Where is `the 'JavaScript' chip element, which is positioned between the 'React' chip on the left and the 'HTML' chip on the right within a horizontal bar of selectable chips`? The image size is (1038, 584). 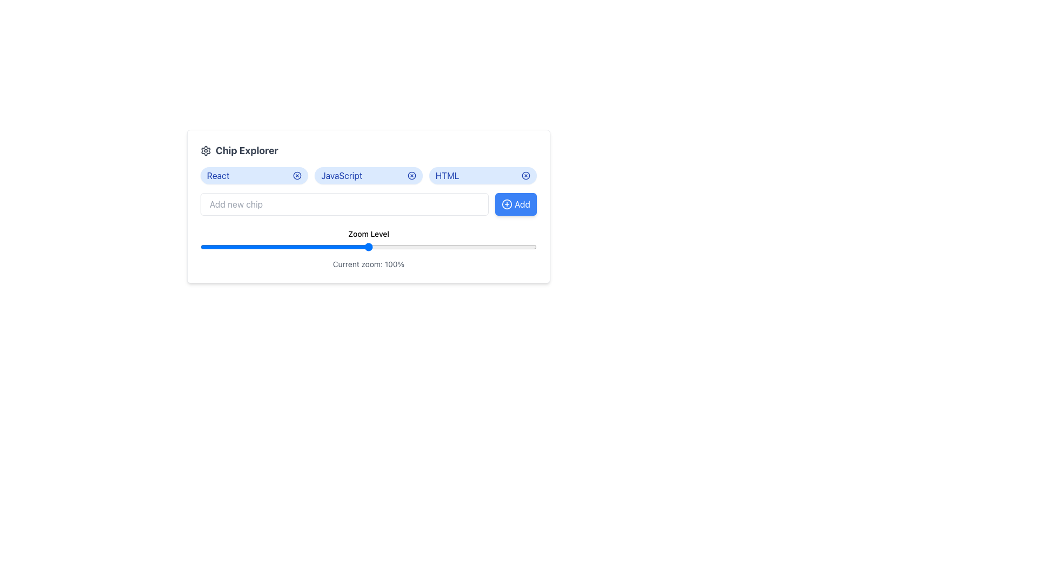
the 'JavaScript' chip element, which is positioned between the 'React' chip on the left and the 'HTML' chip on the right within a horizontal bar of selectable chips is located at coordinates (341, 175).